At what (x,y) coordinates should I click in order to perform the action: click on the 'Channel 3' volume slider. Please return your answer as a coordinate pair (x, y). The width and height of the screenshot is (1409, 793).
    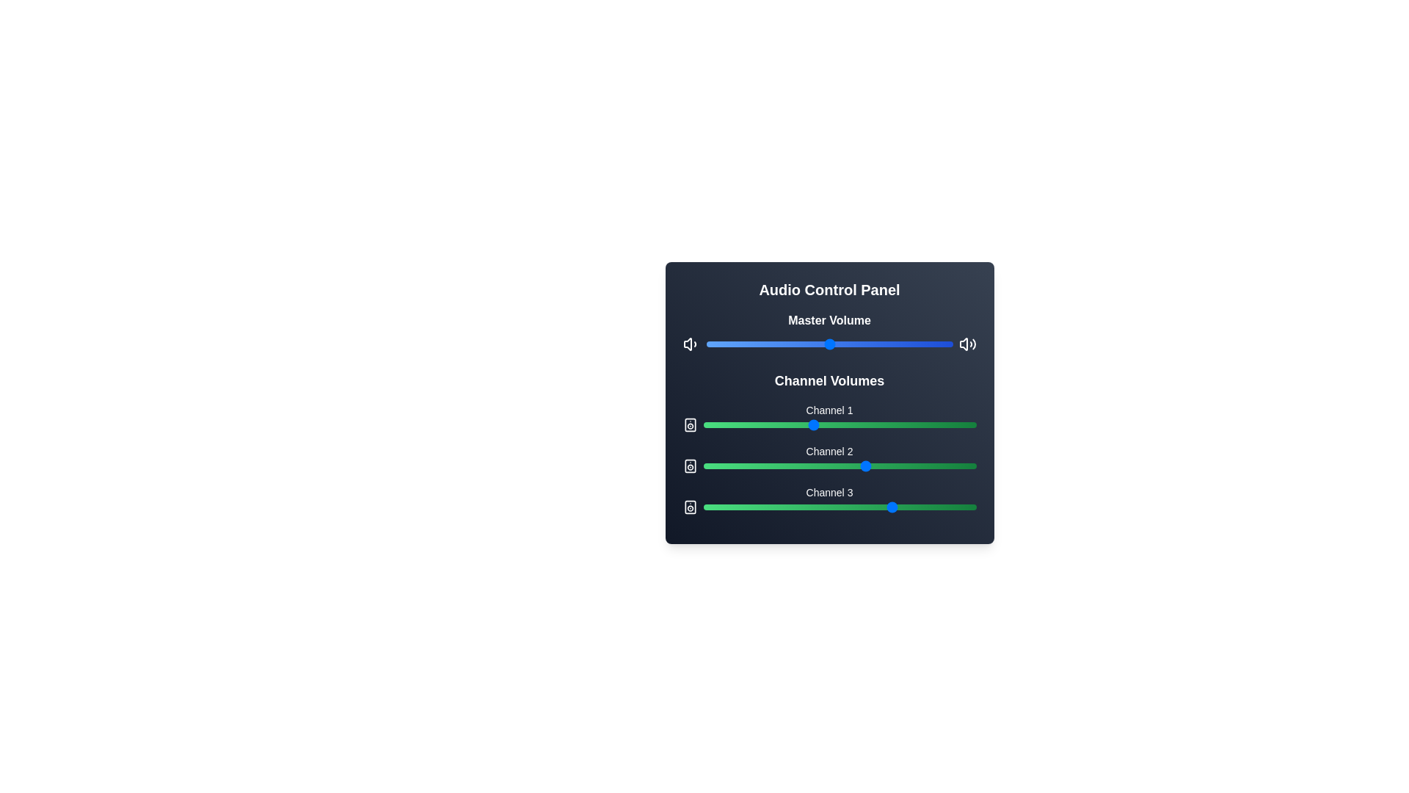
    Looking at the image, I should click on (787, 503).